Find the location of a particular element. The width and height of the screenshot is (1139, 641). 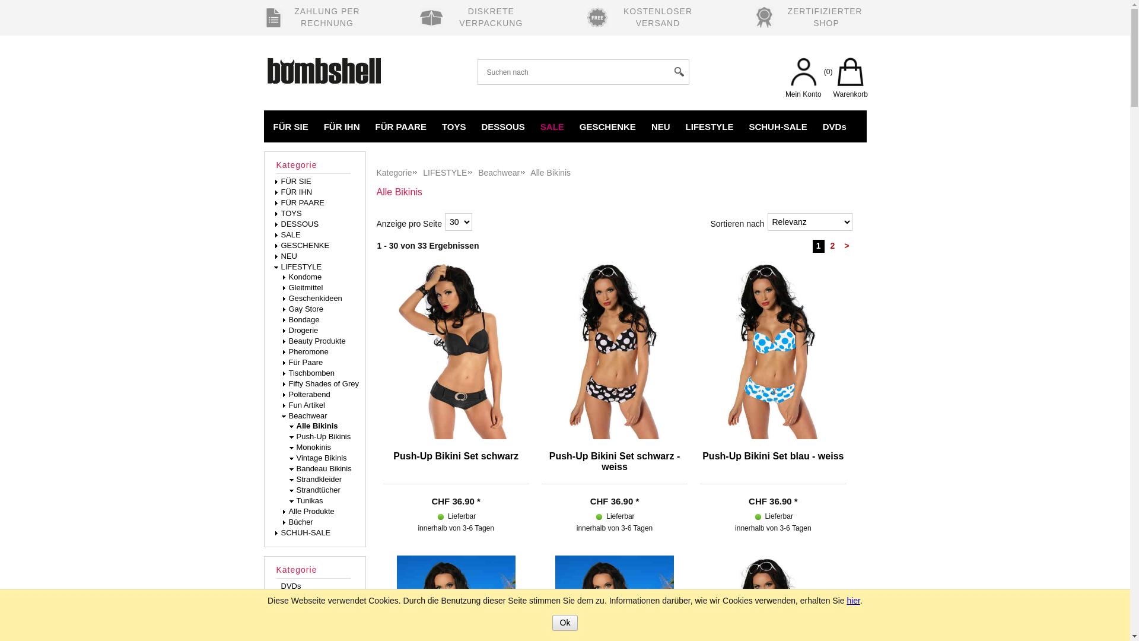

'2' is located at coordinates (832, 245).